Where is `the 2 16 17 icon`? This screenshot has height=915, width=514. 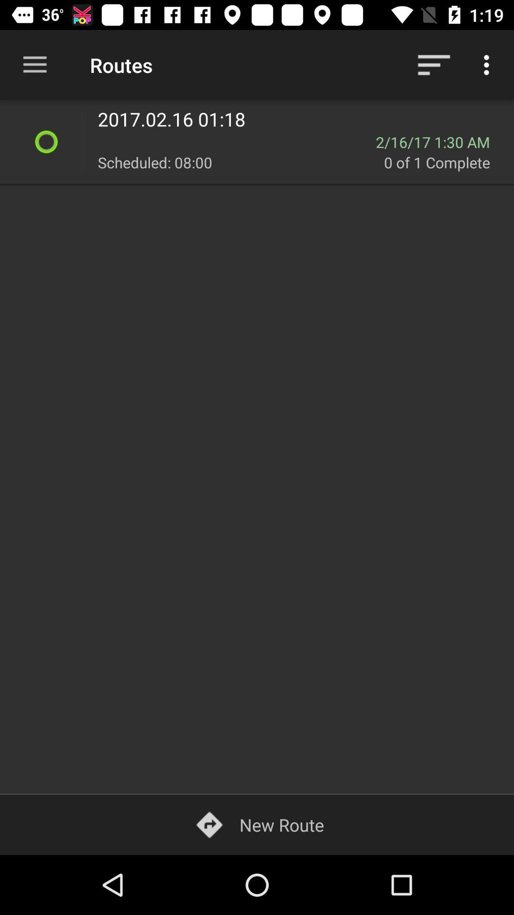
the 2 16 17 icon is located at coordinates (439, 142).